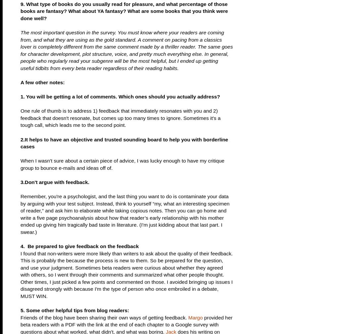 The height and width of the screenshot is (334, 350). Describe the element at coordinates (124, 142) in the screenshot. I see `'2.It helps to have an objective and trusted sounding board to help you with borderline cases'` at that location.